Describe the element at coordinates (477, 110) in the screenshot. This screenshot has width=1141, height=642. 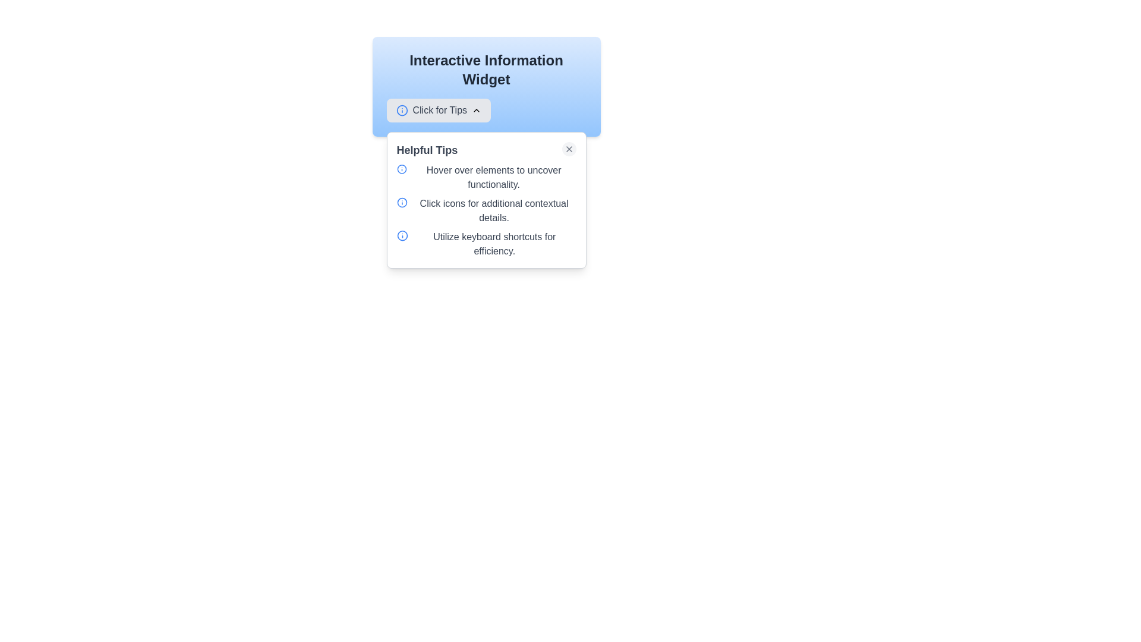
I see `the chevron up icon, which is part of the 'Click for Tips' button` at that location.